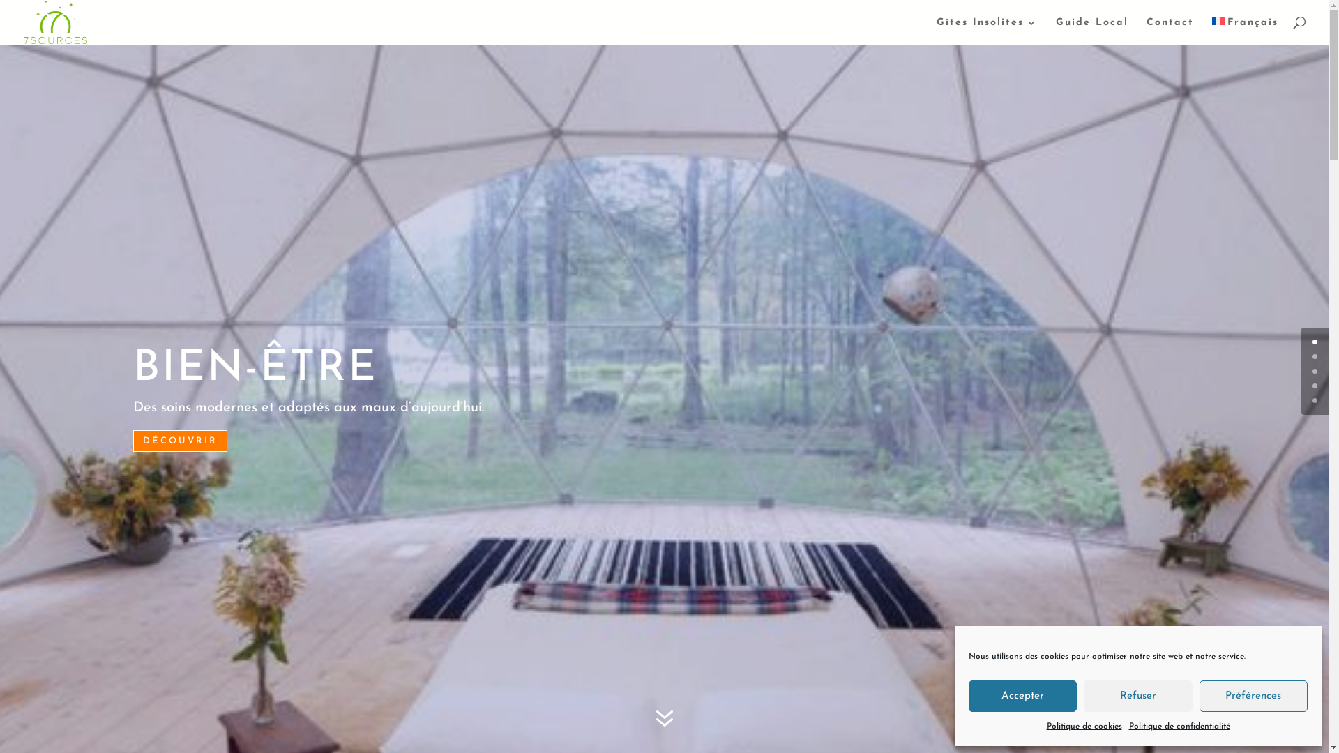 Image resolution: width=1339 pixels, height=753 pixels. I want to click on '4', so click(1314, 400).